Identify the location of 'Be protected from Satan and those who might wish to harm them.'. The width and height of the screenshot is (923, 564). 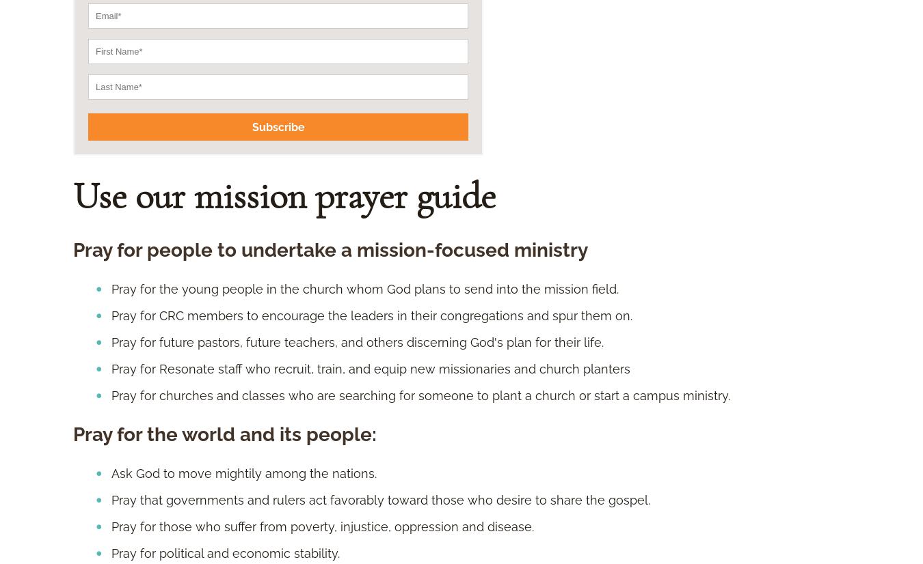
(305, 132).